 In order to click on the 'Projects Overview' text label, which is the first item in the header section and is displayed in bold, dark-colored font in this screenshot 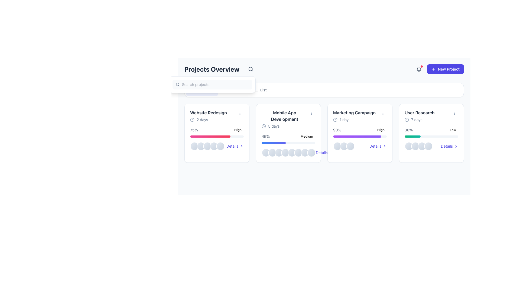, I will do `click(220, 69)`.